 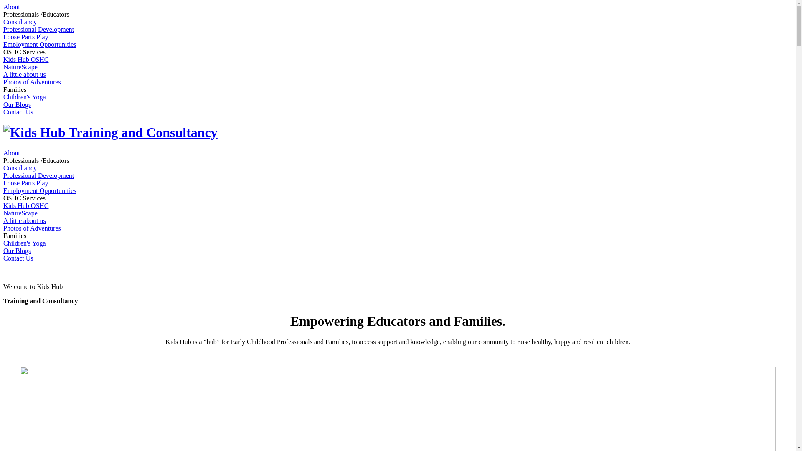 What do you see at coordinates (32, 228) in the screenshot?
I see `'Photos of Adventures'` at bounding box center [32, 228].